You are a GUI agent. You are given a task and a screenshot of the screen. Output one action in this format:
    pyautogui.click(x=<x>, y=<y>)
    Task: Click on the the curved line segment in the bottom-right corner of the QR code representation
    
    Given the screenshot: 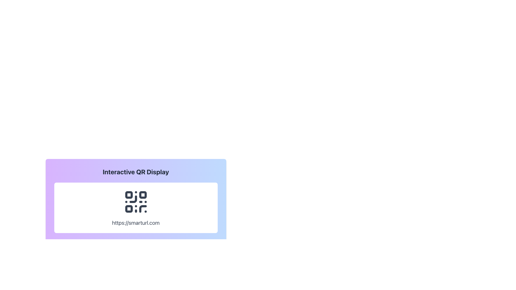 What is the action you would take?
    pyautogui.click(x=143, y=209)
    